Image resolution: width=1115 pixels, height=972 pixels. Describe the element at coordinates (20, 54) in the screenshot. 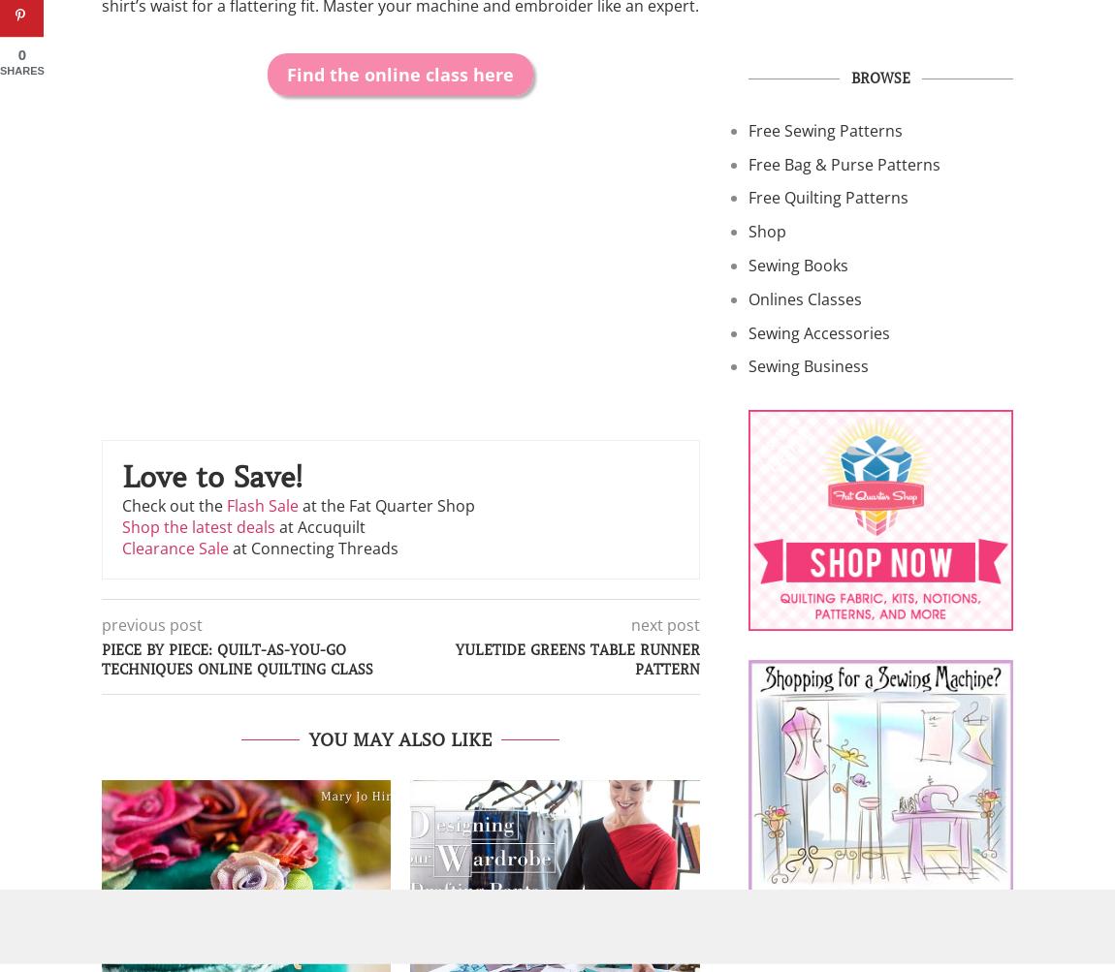

I see `'0'` at that location.